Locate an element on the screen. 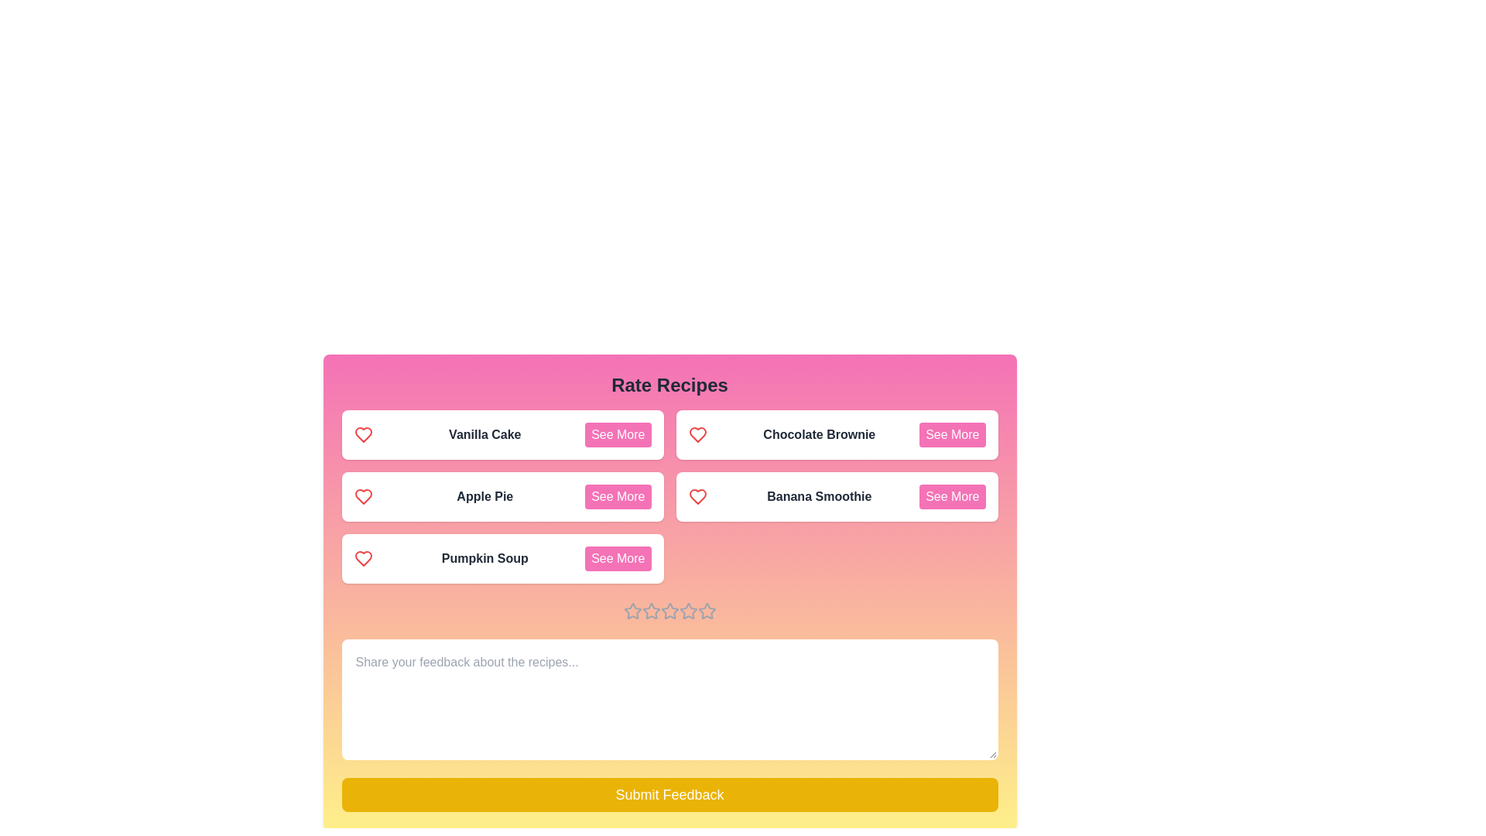 This screenshot has height=836, width=1486. the heart icon associated with Vanilla Cake is located at coordinates (362, 435).